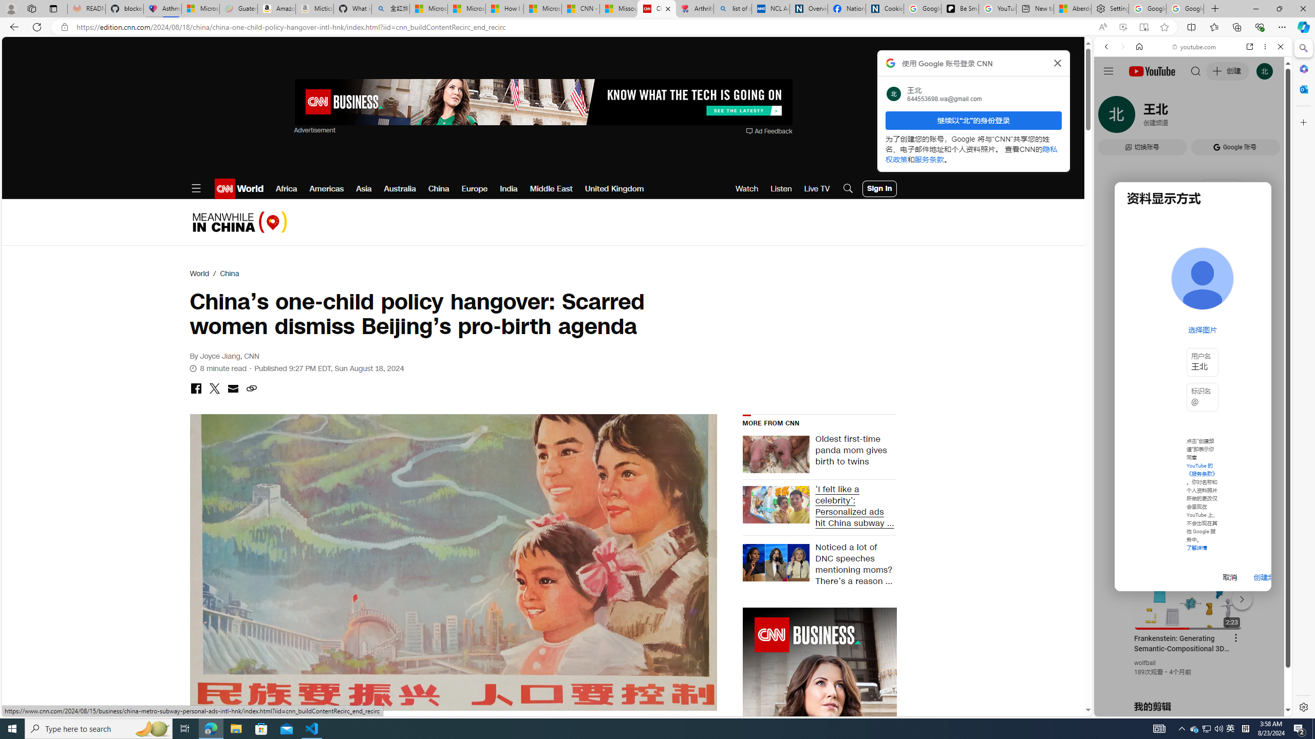 The image size is (1315, 739). Describe the element at coordinates (251, 387) in the screenshot. I see `'Class: icon-ui-link'` at that location.